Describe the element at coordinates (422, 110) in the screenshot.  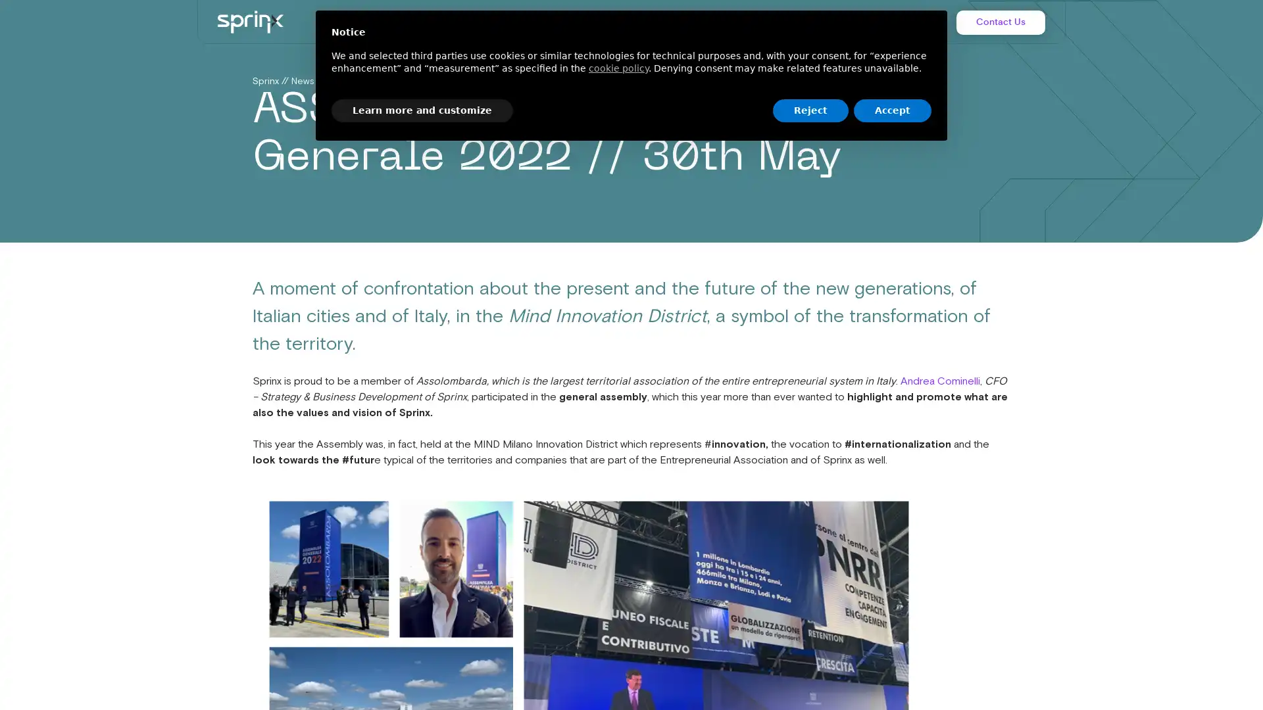
I see `Learn more and customize` at that location.